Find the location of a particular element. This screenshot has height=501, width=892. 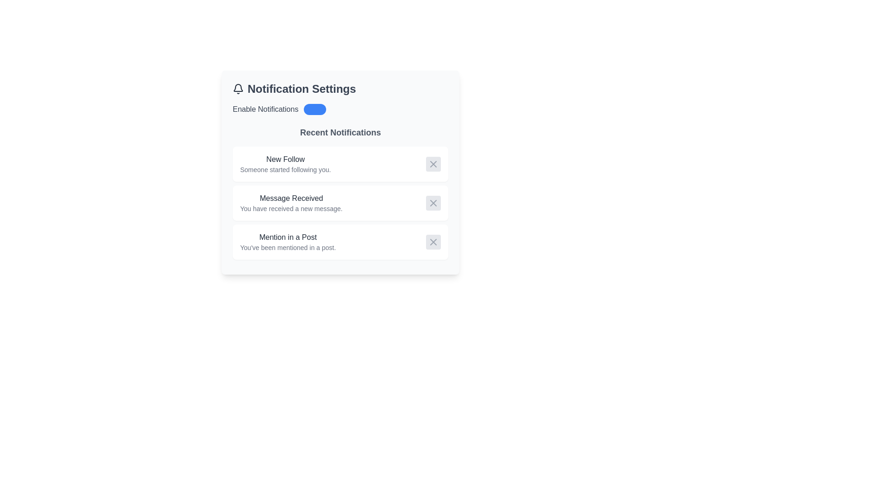

the text label that reads 'New Follow', which is positioned at the top part of the first notification in the recent notifications list is located at coordinates (285, 159).